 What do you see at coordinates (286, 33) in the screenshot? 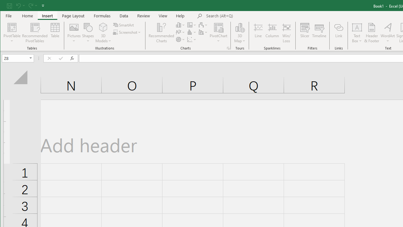
I see `'Win/Loss'` at bounding box center [286, 33].